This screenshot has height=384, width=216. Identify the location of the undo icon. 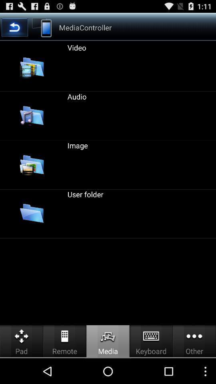
(14, 30).